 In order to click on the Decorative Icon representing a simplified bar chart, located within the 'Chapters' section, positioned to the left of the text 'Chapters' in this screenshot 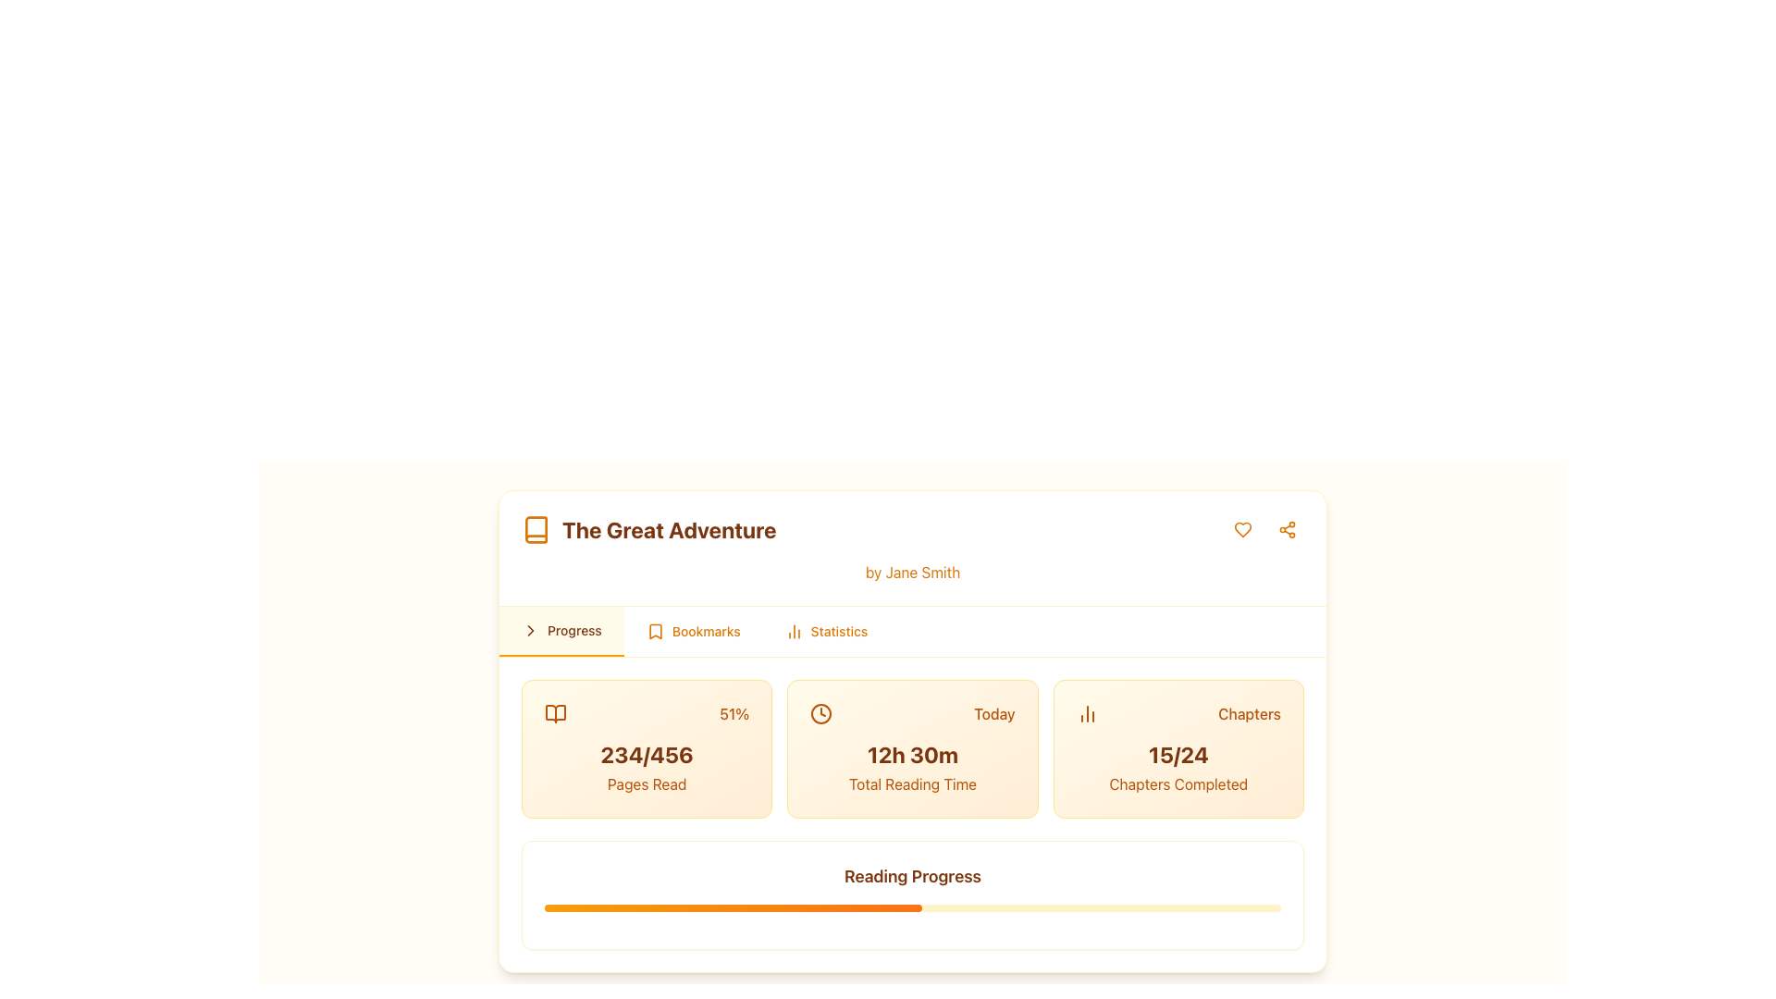, I will do `click(1087, 712)`.